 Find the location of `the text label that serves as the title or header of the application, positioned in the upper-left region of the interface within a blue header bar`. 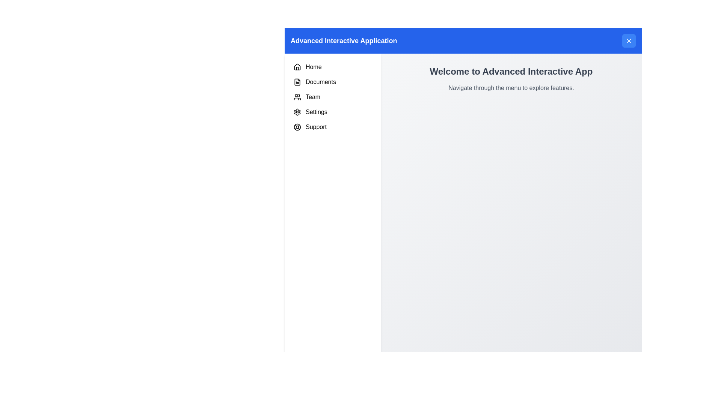

the text label that serves as the title or header of the application, positioned in the upper-left region of the interface within a blue header bar is located at coordinates (343, 40).